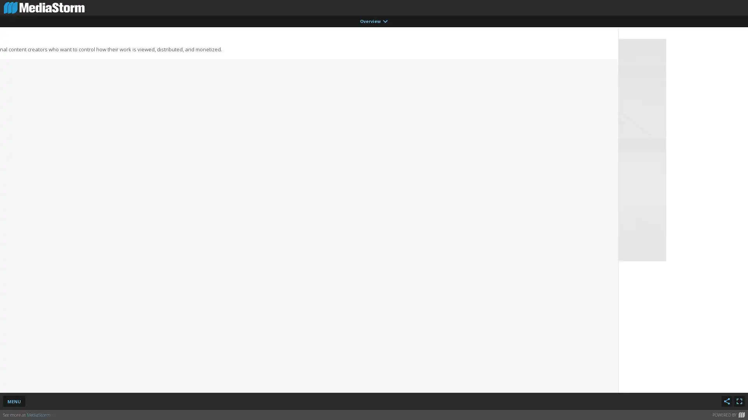 Image resolution: width=748 pixels, height=420 pixels. What do you see at coordinates (14, 401) in the screenshot?
I see `MENU` at bounding box center [14, 401].